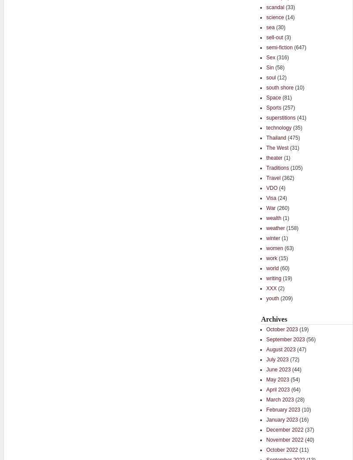  I want to click on '(209)', so click(285, 298).